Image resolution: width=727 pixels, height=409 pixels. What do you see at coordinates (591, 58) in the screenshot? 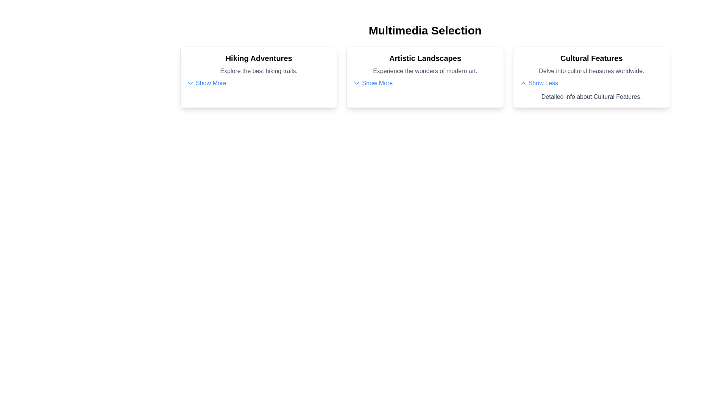
I see `the text content of the card titled Cultural Features` at bounding box center [591, 58].